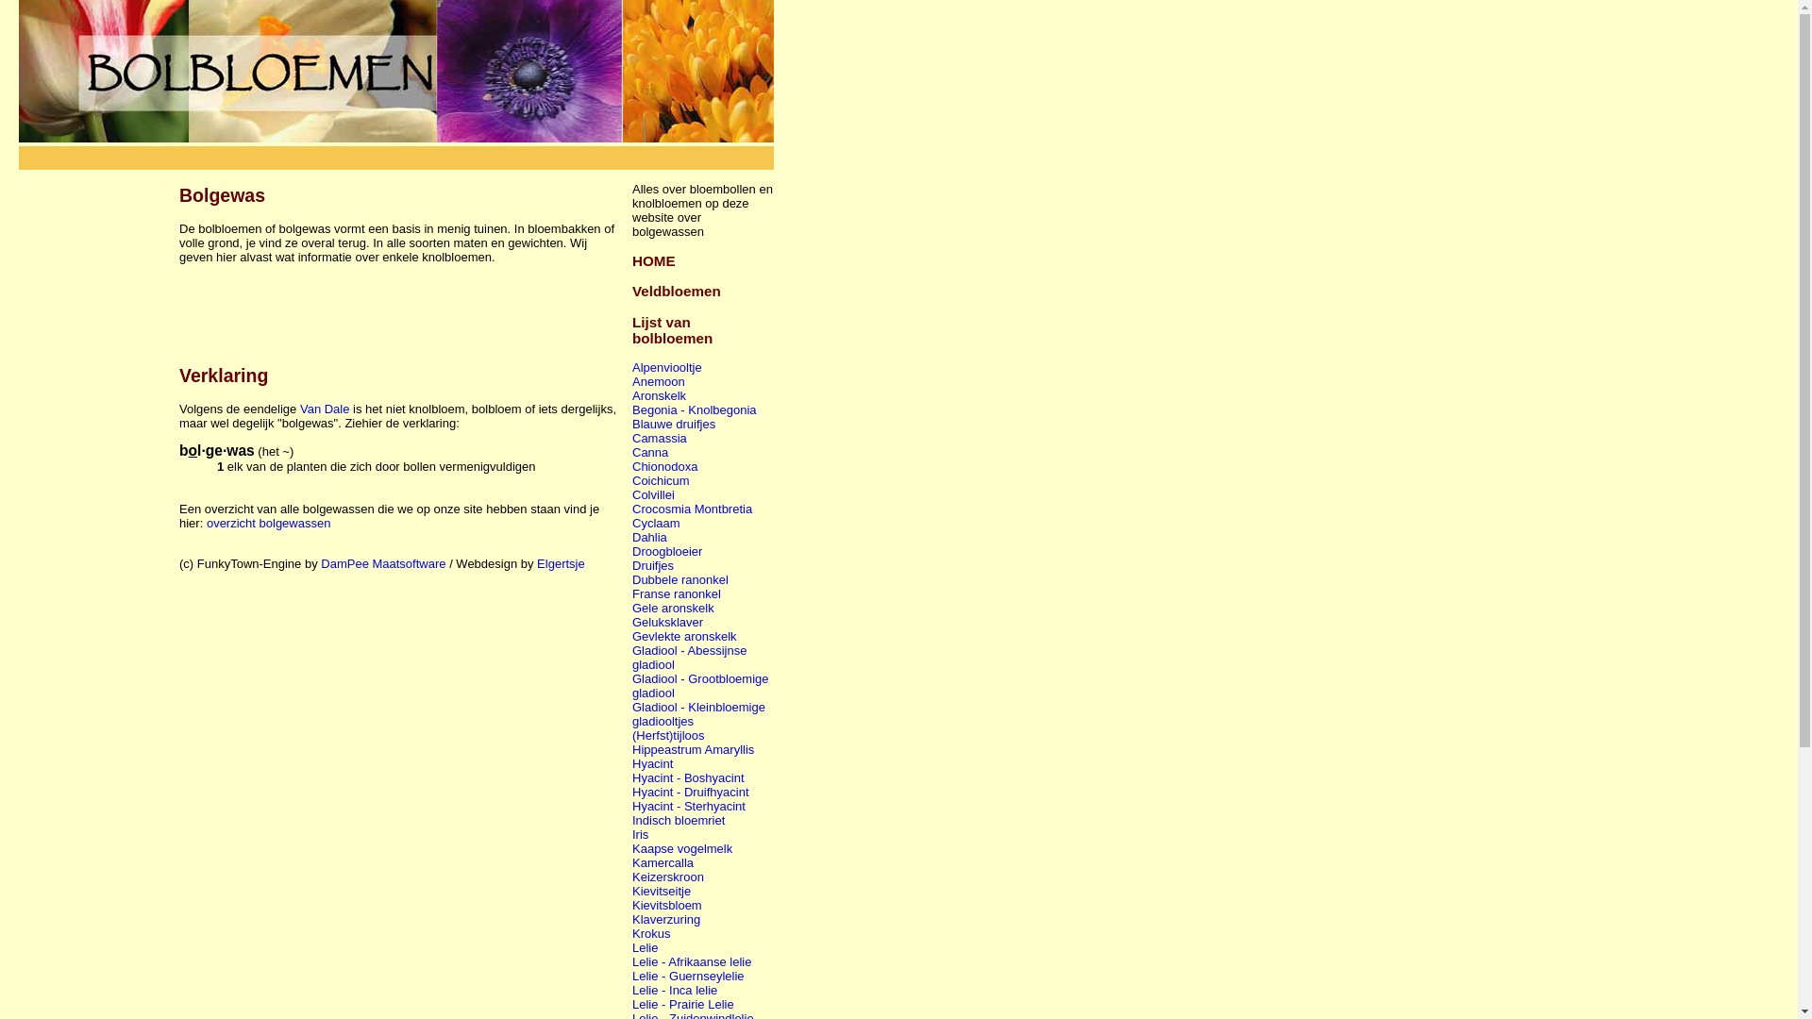 This screenshot has width=1812, height=1019. I want to click on 'DamPee Maatsoftware', so click(382, 562).